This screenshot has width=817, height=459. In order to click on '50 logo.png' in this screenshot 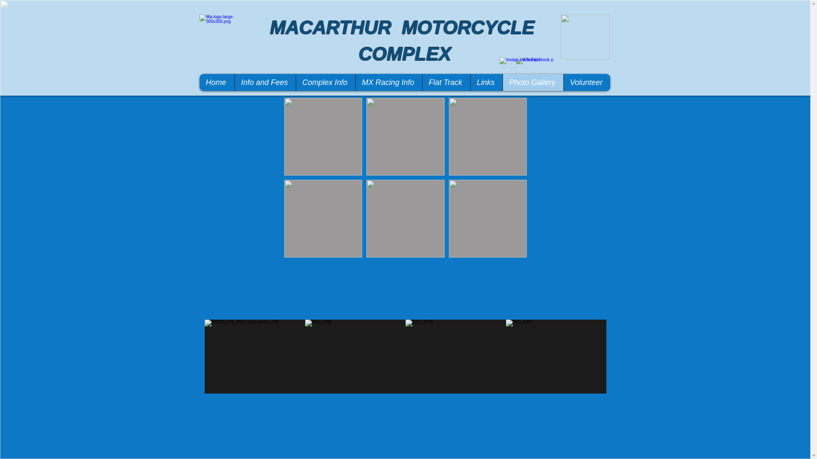, I will do `click(585, 37)`.